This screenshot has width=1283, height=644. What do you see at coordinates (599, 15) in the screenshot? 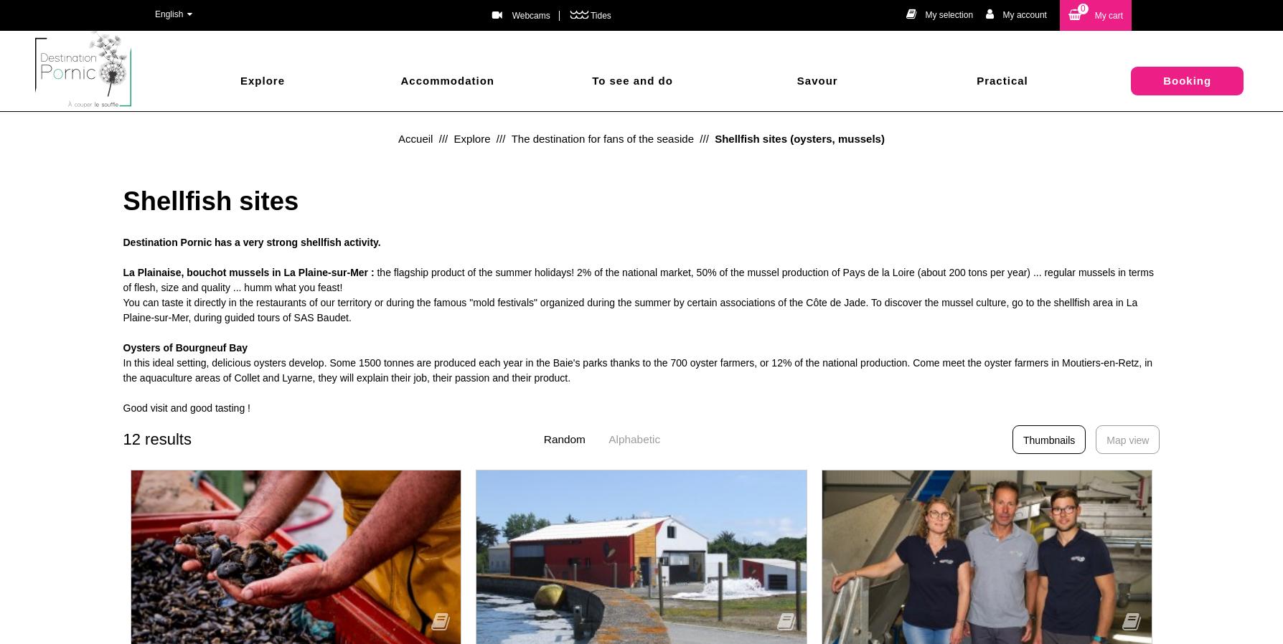
I see `'Tides'` at bounding box center [599, 15].